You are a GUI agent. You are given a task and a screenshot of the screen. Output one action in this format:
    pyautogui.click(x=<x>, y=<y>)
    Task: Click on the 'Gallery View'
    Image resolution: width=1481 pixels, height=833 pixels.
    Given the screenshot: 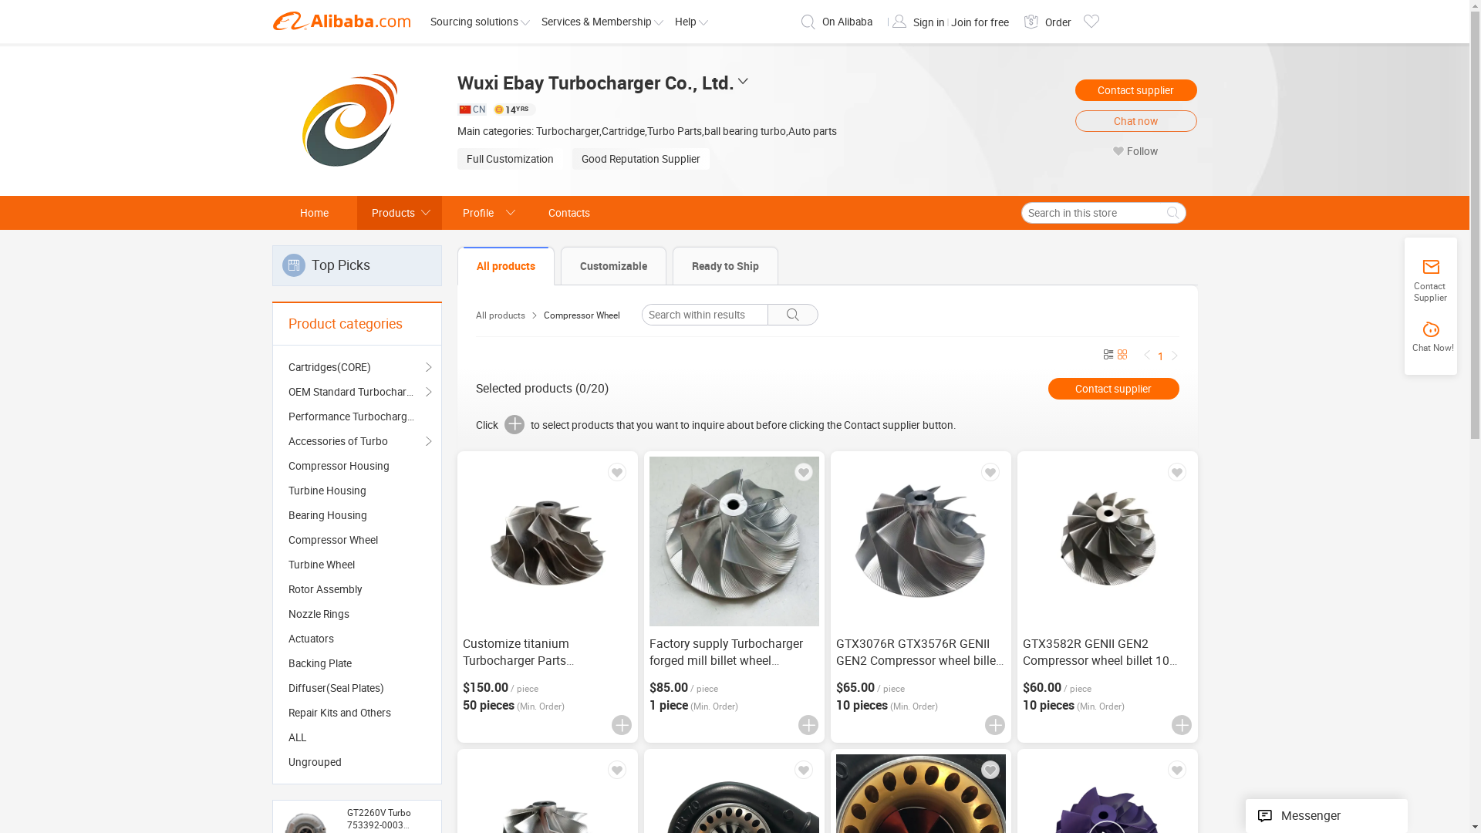 What is the action you would take?
    pyautogui.click(x=1122, y=356)
    